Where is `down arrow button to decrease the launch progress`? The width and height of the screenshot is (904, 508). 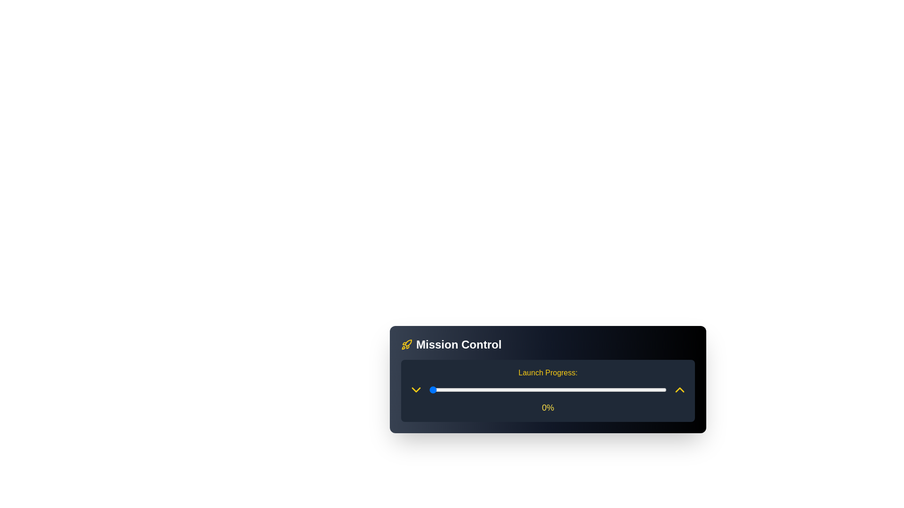
down arrow button to decrease the launch progress is located at coordinates (415, 390).